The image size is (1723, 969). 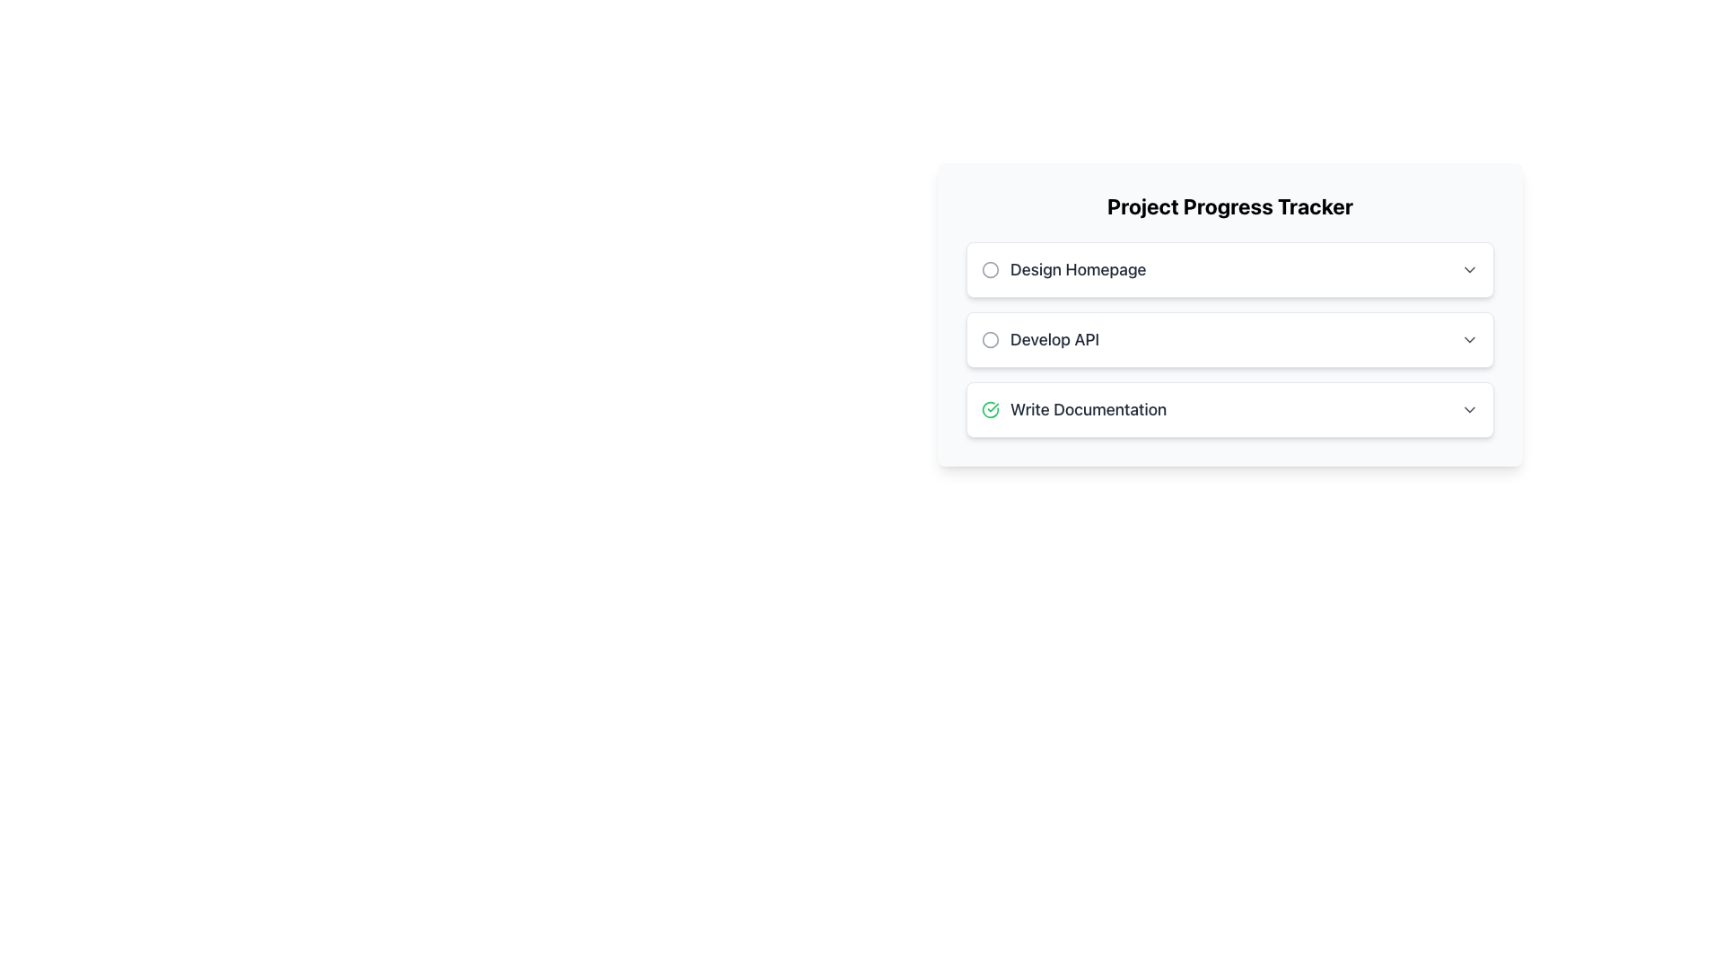 I want to click on the chevron-down icon of the Dropdown toggle button located to the right of the 'Design Homepage' text, so click(x=1469, y=269).